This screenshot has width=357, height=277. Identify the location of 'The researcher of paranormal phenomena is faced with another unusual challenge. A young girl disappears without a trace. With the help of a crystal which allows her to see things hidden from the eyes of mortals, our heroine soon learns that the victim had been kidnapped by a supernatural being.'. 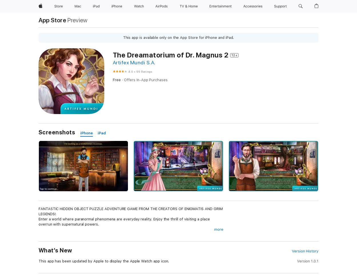
(127, 250).